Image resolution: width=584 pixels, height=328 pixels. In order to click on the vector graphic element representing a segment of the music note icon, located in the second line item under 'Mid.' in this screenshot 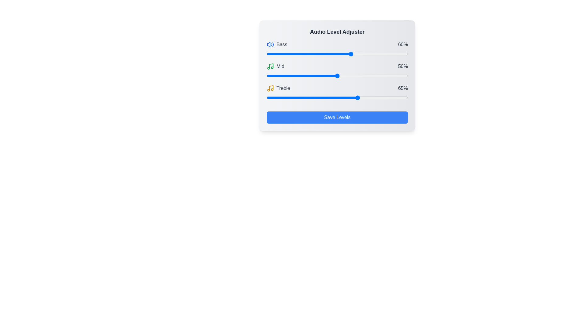, I will do `click(271, 66)`.